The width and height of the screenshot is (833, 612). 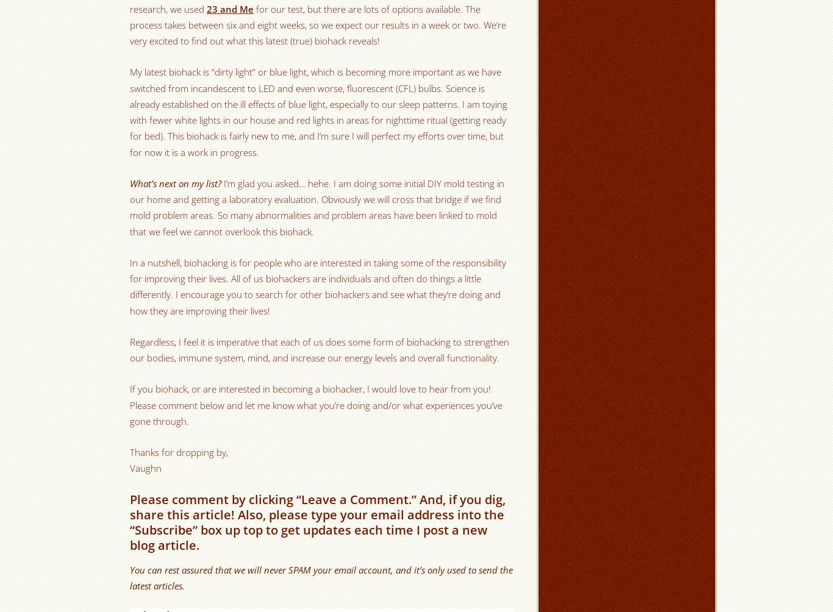 What do you see at coordinates (317, 207) in the screenshot?
I see `'I’m glad you asked… hehe. I am doing some initial DIY mold testing in our home and getting a laboratory evaluation. Obviously we will cross that bridge if we find mold problem areas. So many abnormalities and problem areas have been linked to mold that we feel we cannot overlook this biohack.'` at bounding box center [317, 207].